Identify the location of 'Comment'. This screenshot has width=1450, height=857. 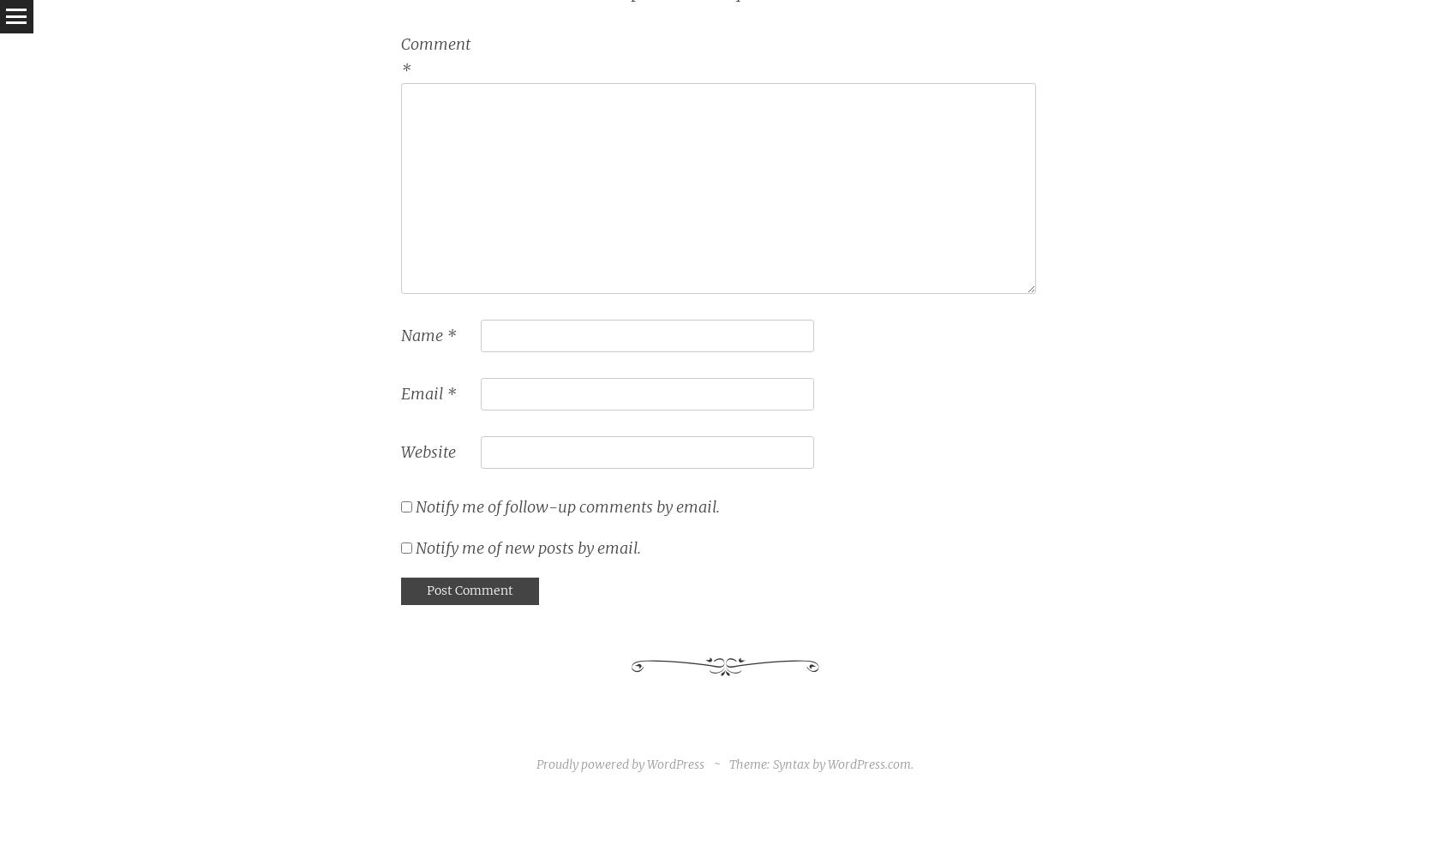
(434, 44).